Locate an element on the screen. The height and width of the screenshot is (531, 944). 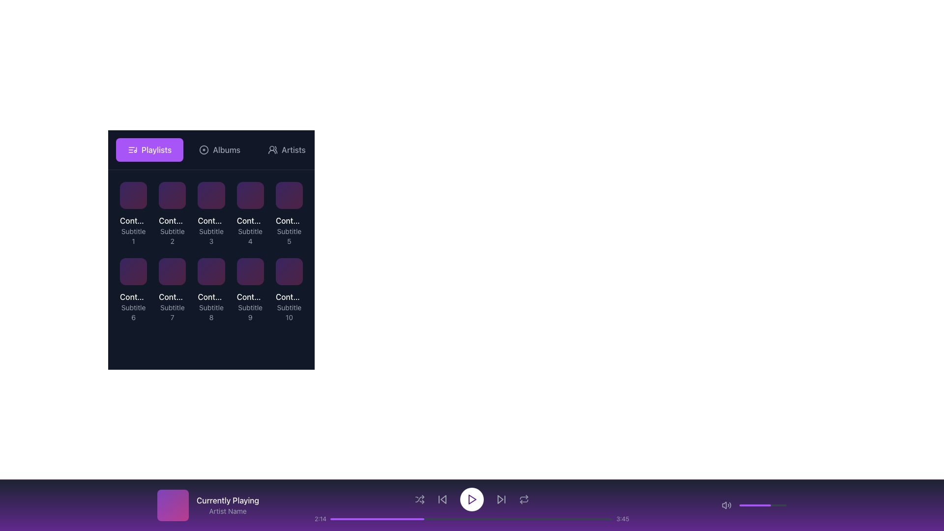
the circular icon with a looping arrow symbol is located at coordinates (523, 499).